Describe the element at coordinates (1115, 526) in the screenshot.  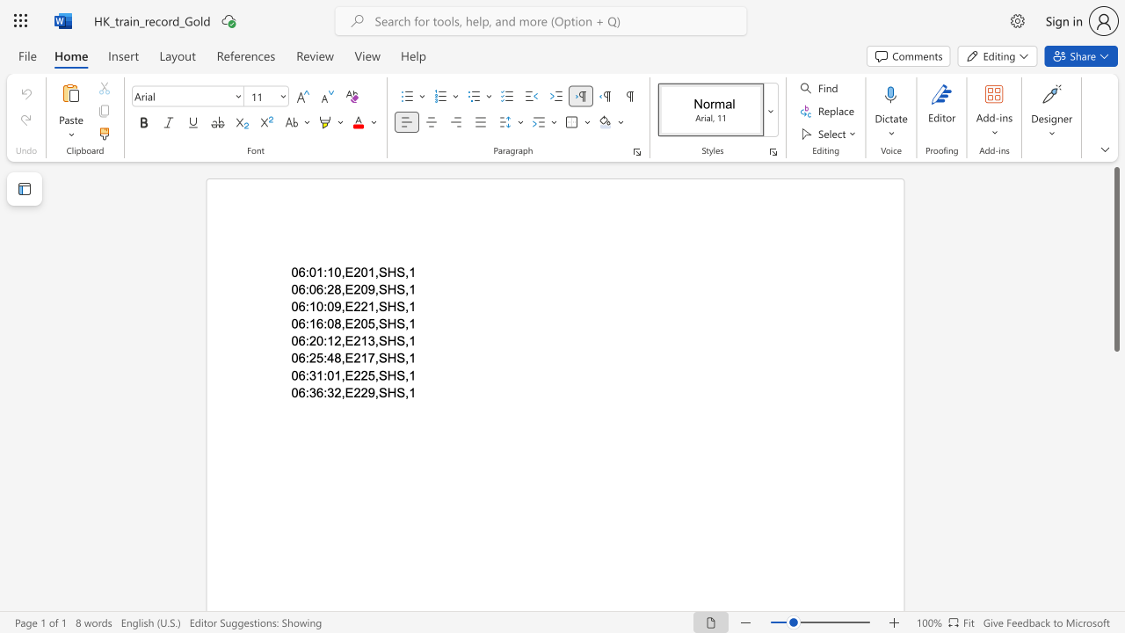
I see `the scrollbar to adjust the page downward` at that location.